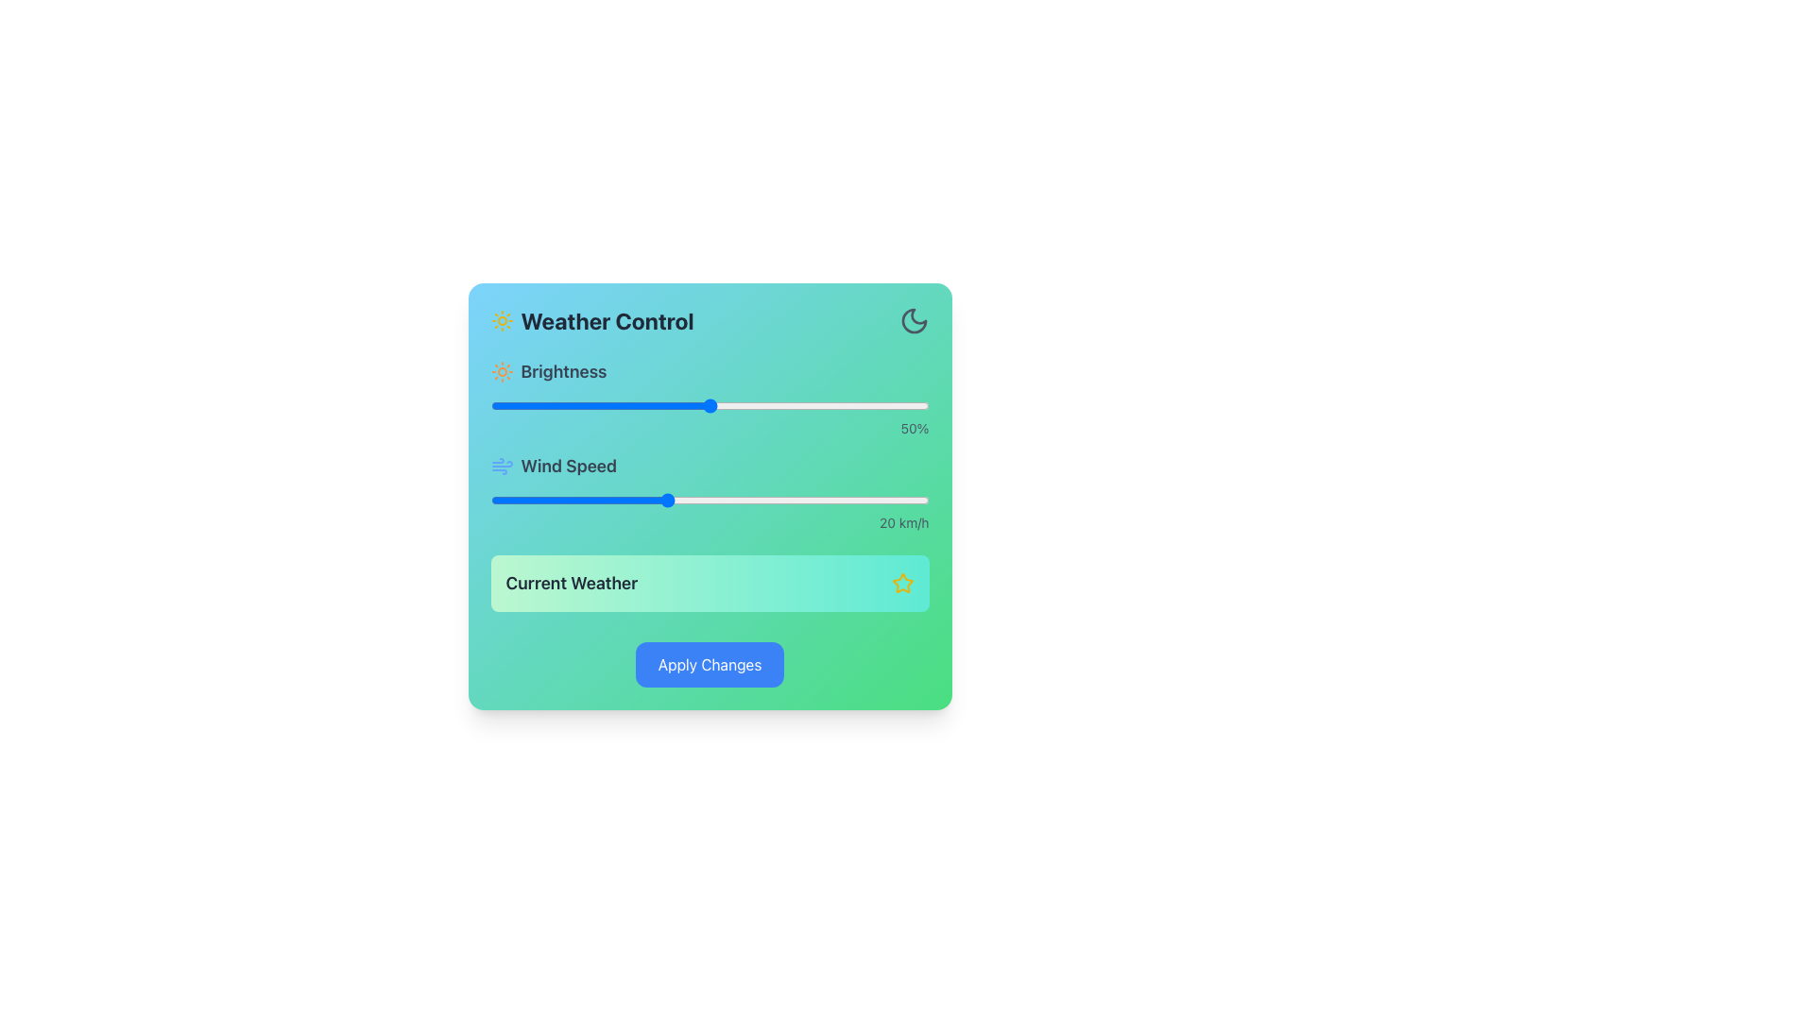  Describe the element at coordinates (657, 404) in the screenshot. I see `the brightness level` at that location.